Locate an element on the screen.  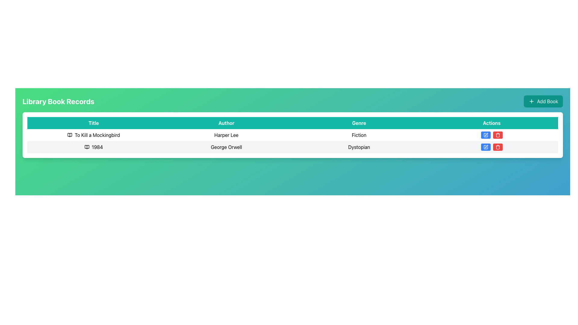
the 'Add Book' button text located at the top-right corner of the interface is located at coordinates (548, 101).